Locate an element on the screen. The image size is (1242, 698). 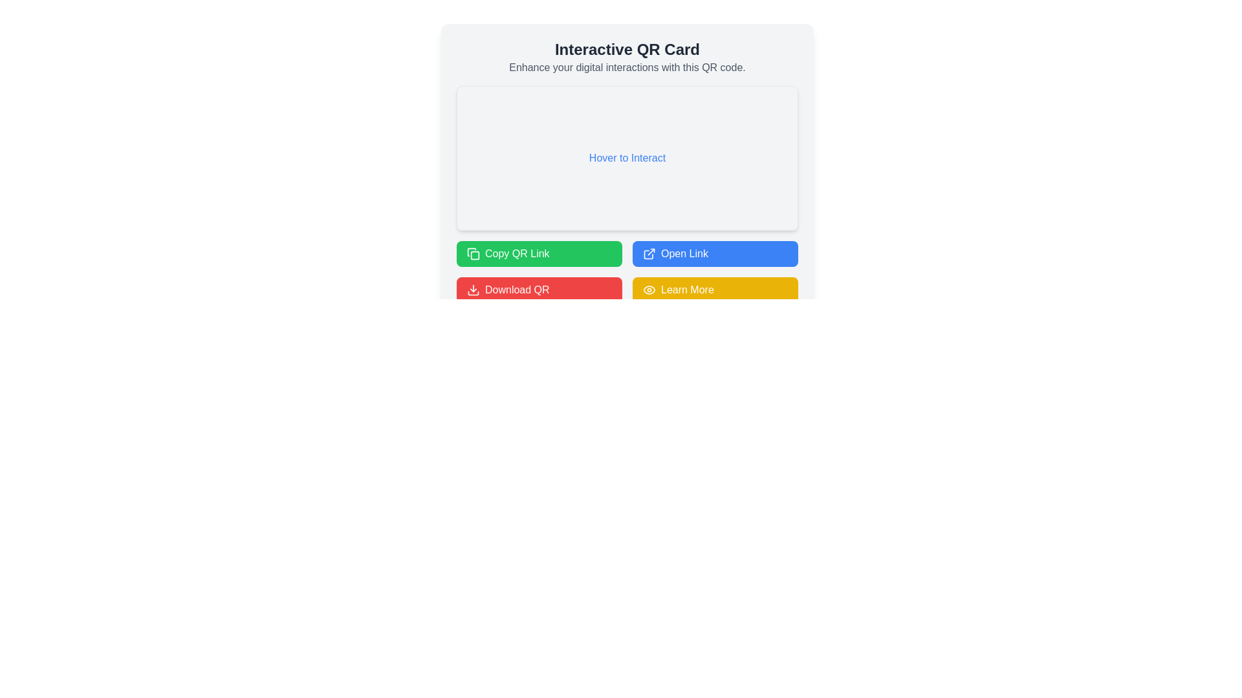
the 'Copy QR Link' button, which features a decorative 'Copy' icon centrally located within it is located at coordinates (474, 255).